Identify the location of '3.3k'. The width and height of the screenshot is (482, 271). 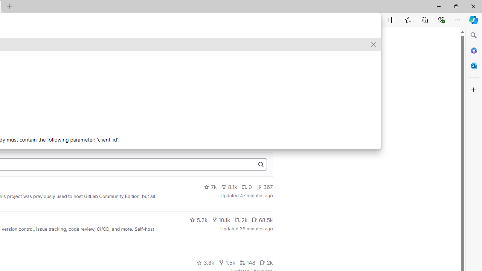
(205, 262).